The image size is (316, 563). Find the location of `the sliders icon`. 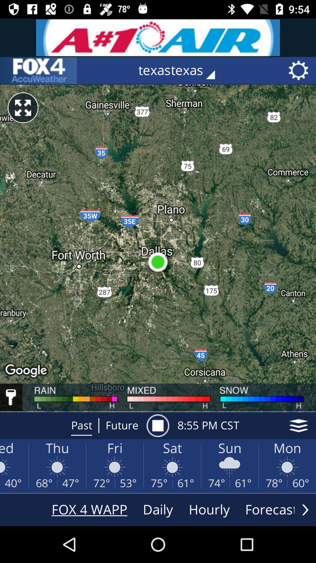

the sliders icon is located at coordinates (38, 70).